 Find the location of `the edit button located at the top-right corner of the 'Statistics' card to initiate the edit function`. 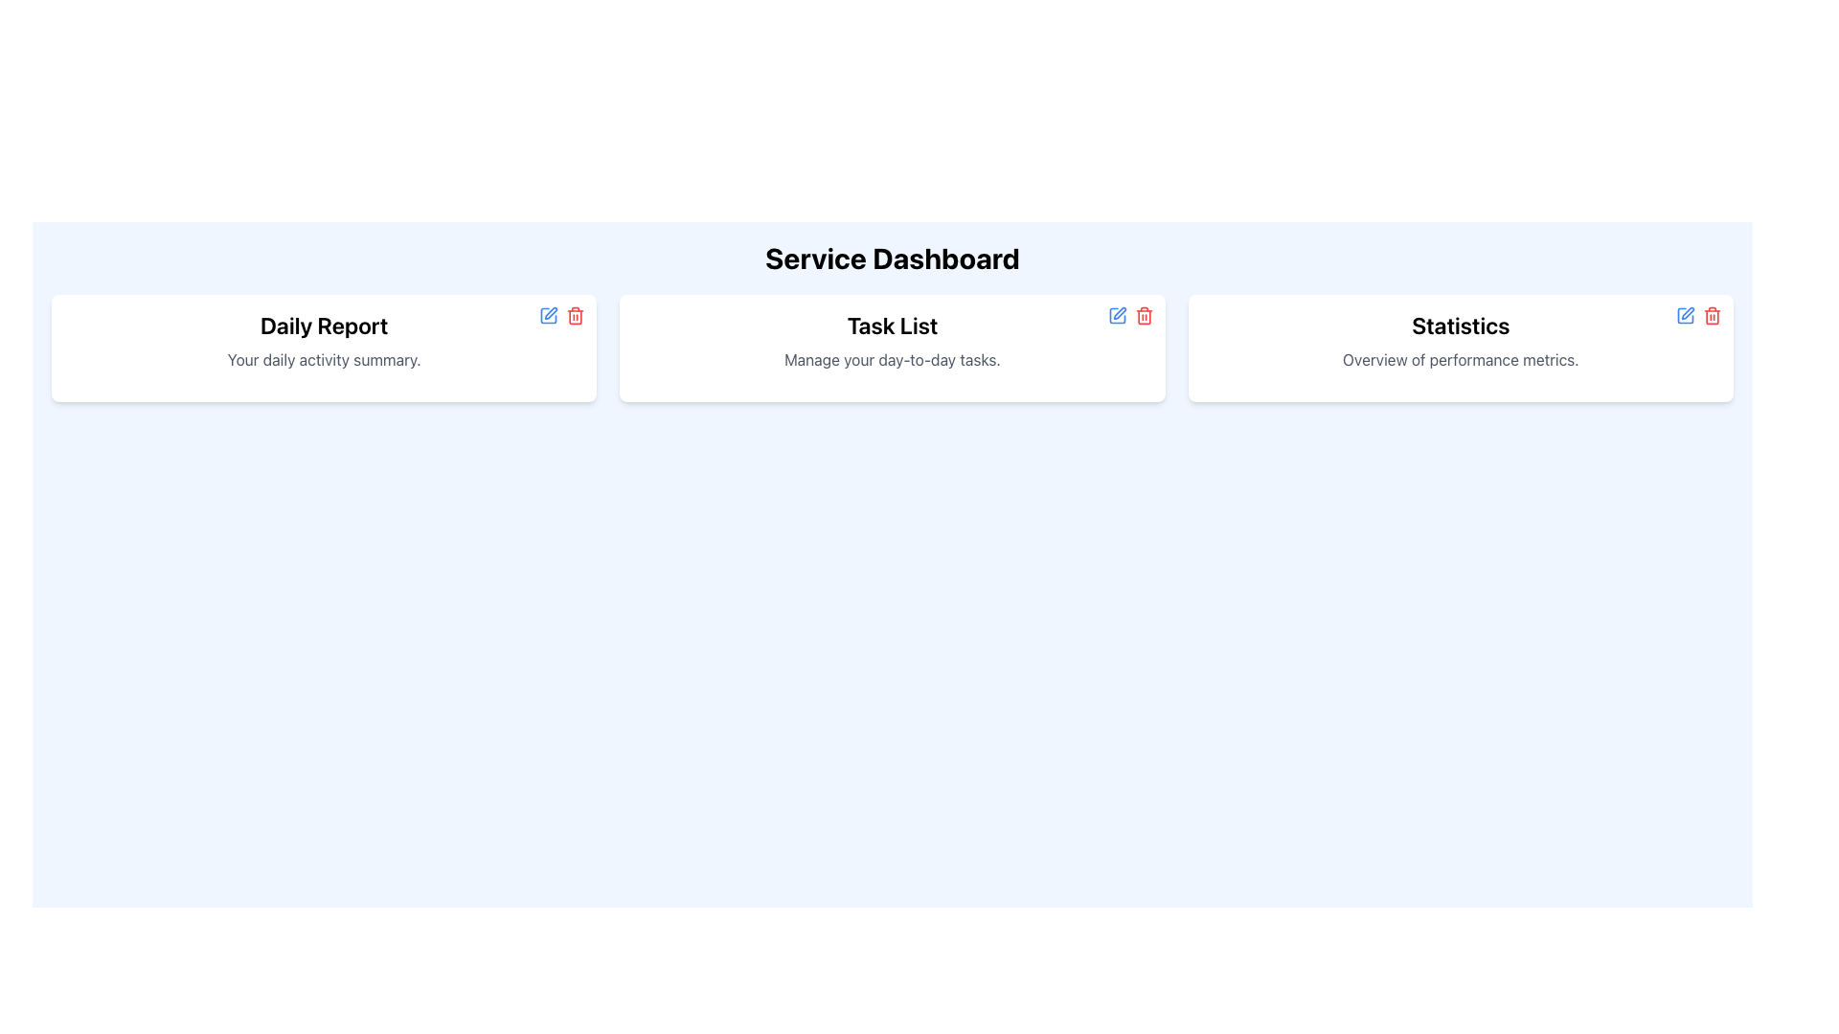

the edit button located at the top-right corner of the 'Statistics' card to initiate the edit function is located at coordinates (1686, 315).